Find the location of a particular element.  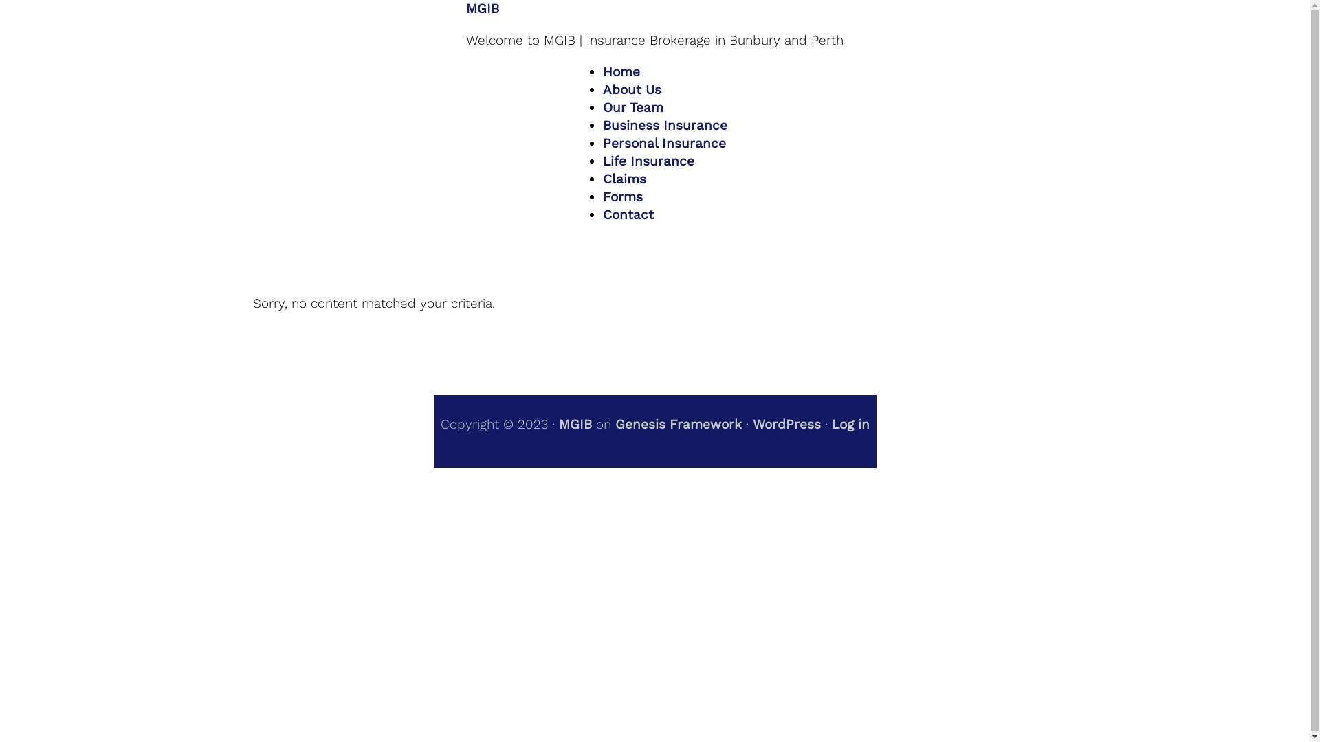

'Claims' is located at coordinates (624, 178).